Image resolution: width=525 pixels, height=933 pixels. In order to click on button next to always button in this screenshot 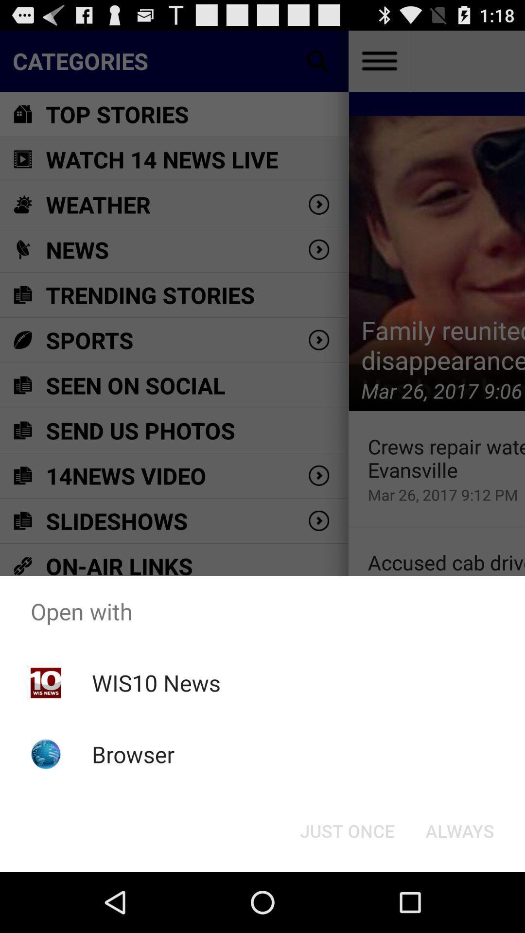, I will do `click(347, 830)`.